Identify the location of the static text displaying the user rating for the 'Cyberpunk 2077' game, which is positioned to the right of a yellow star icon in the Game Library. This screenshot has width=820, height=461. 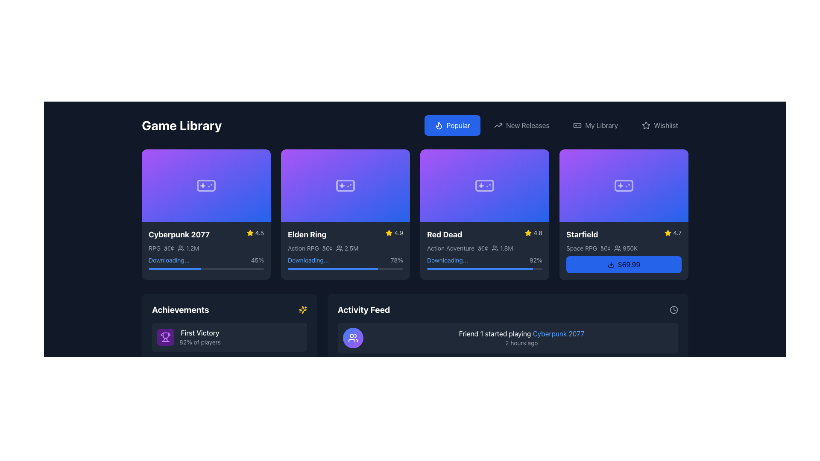
(259, 233).